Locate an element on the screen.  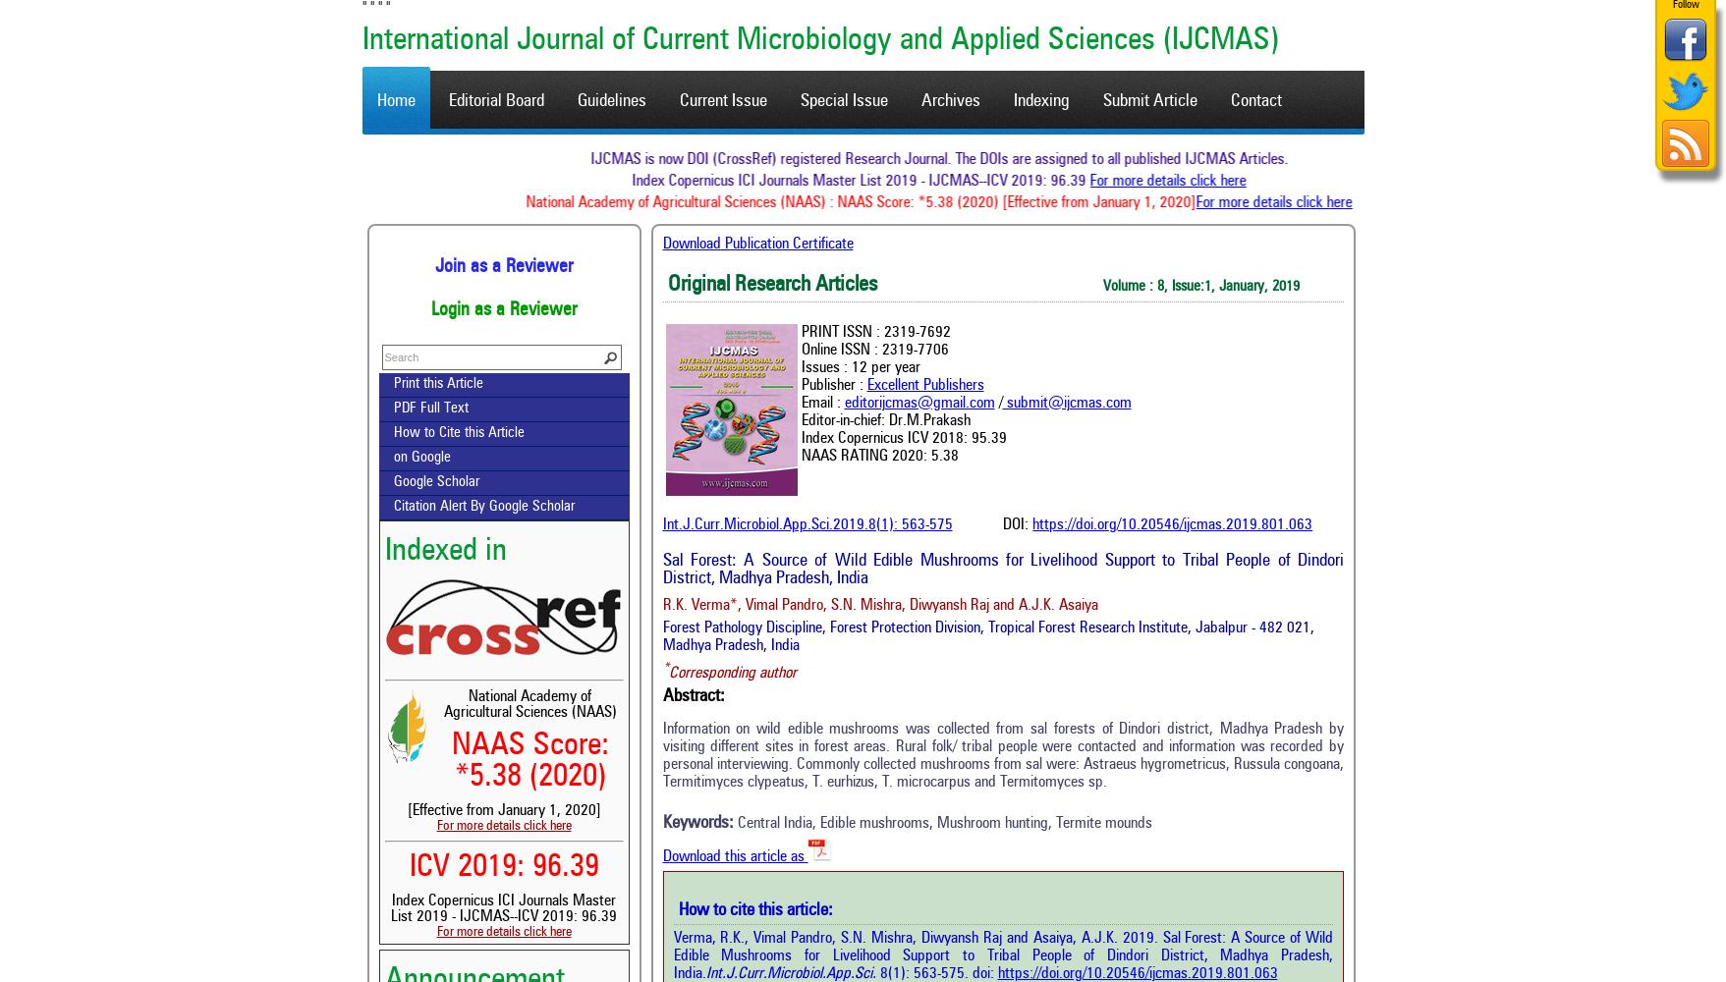
'ICV 2019: 96.39' is located at coordinates (503, 868).